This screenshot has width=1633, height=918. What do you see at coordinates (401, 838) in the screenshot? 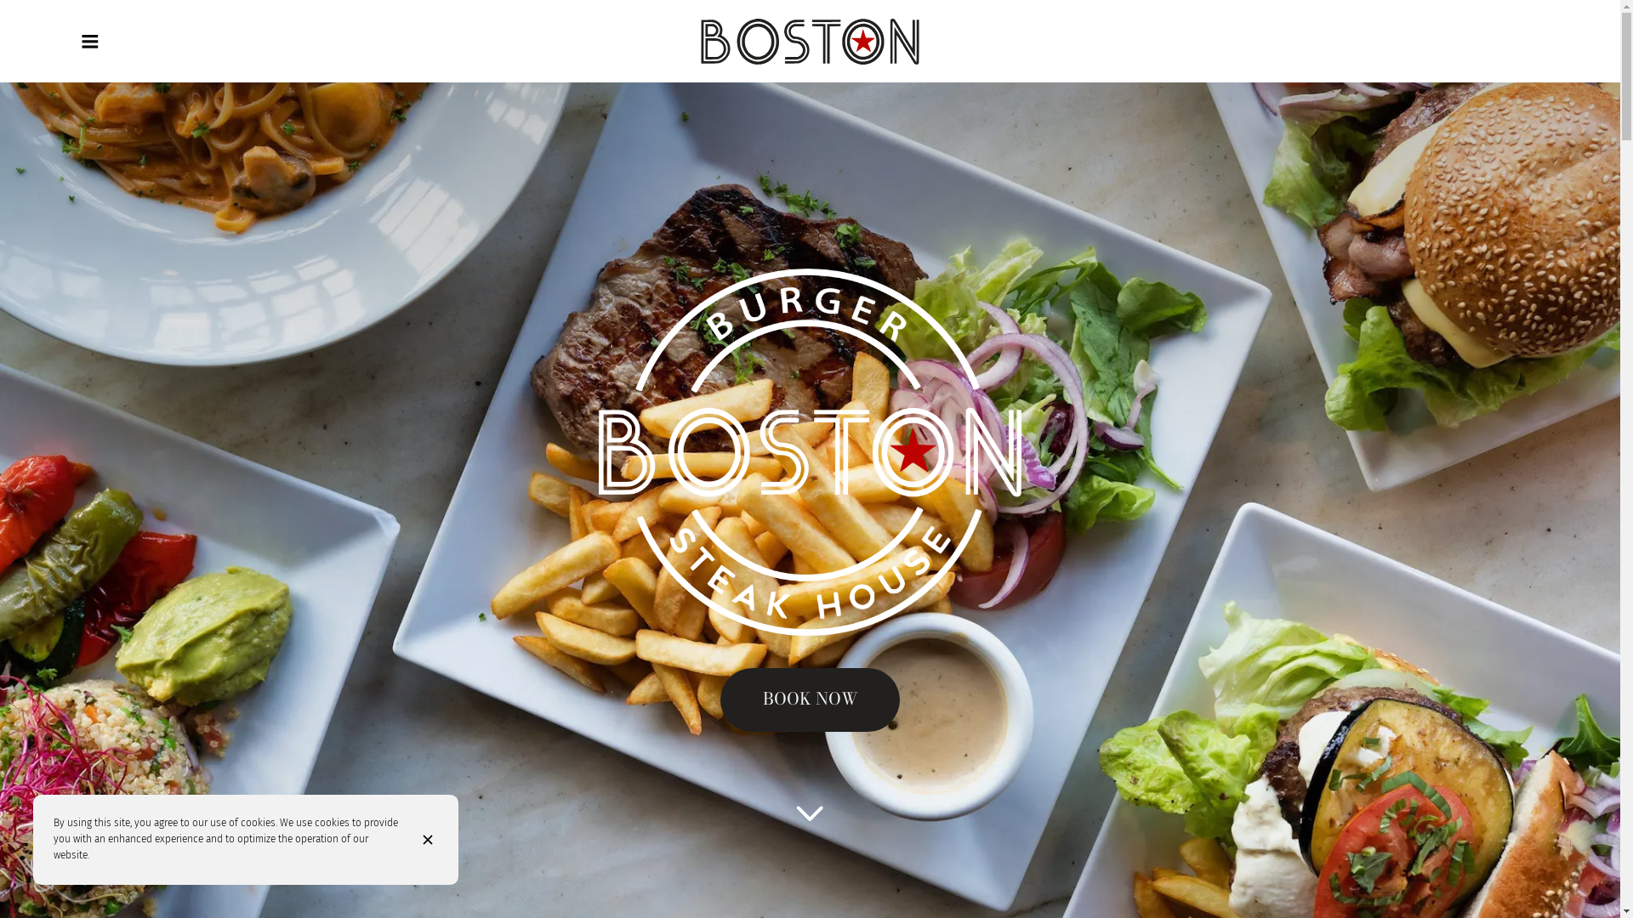
I see `'Close the cookie information banner'` at bounding box center [401, 838].